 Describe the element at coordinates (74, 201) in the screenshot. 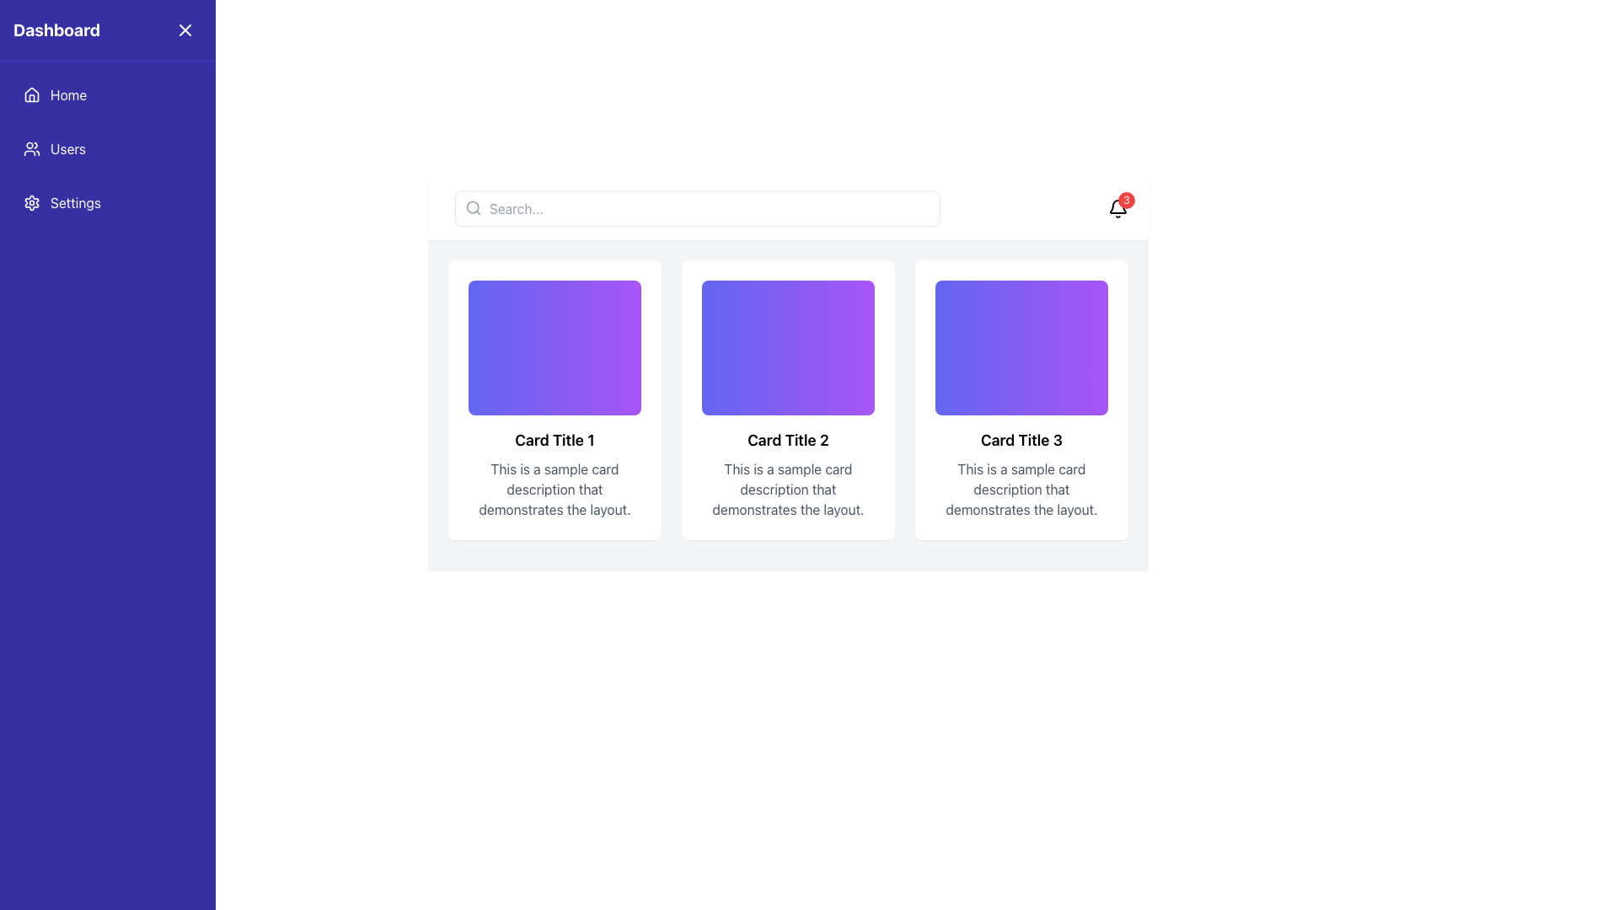

I see `'Settings' navigation label, which is a white sans-serif text on a purple background located in the left navigation bar, third below 'Home' and 'Users'` at that location.